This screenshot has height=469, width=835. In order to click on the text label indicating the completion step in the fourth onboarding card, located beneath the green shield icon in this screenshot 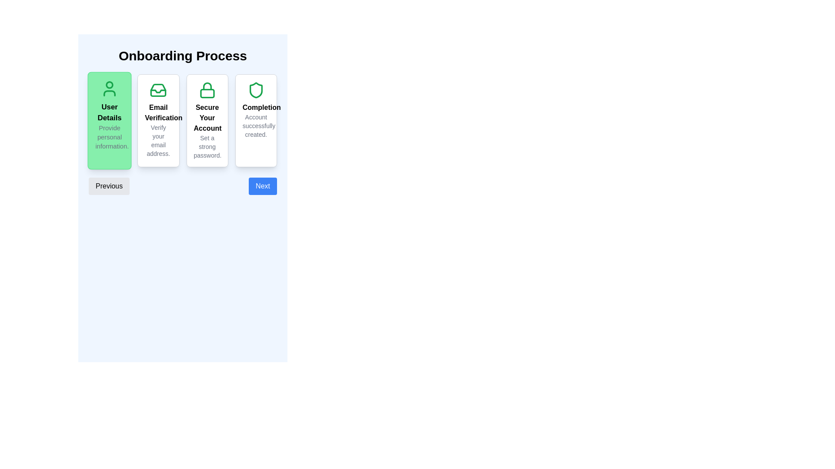, I will do `click(255, 107)`.